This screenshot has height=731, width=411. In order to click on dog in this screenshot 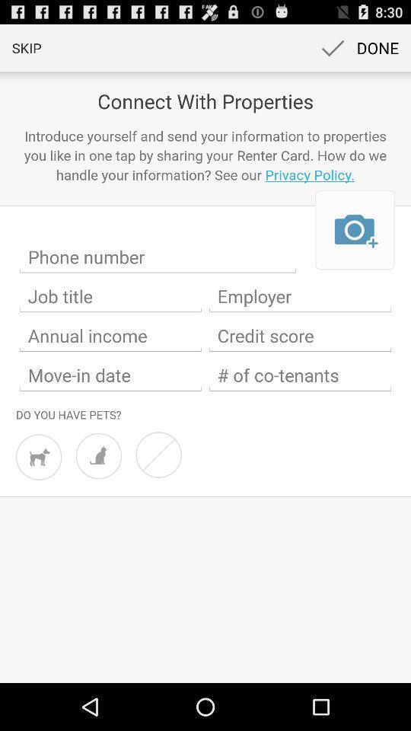, I will do `click(39, 457)`.